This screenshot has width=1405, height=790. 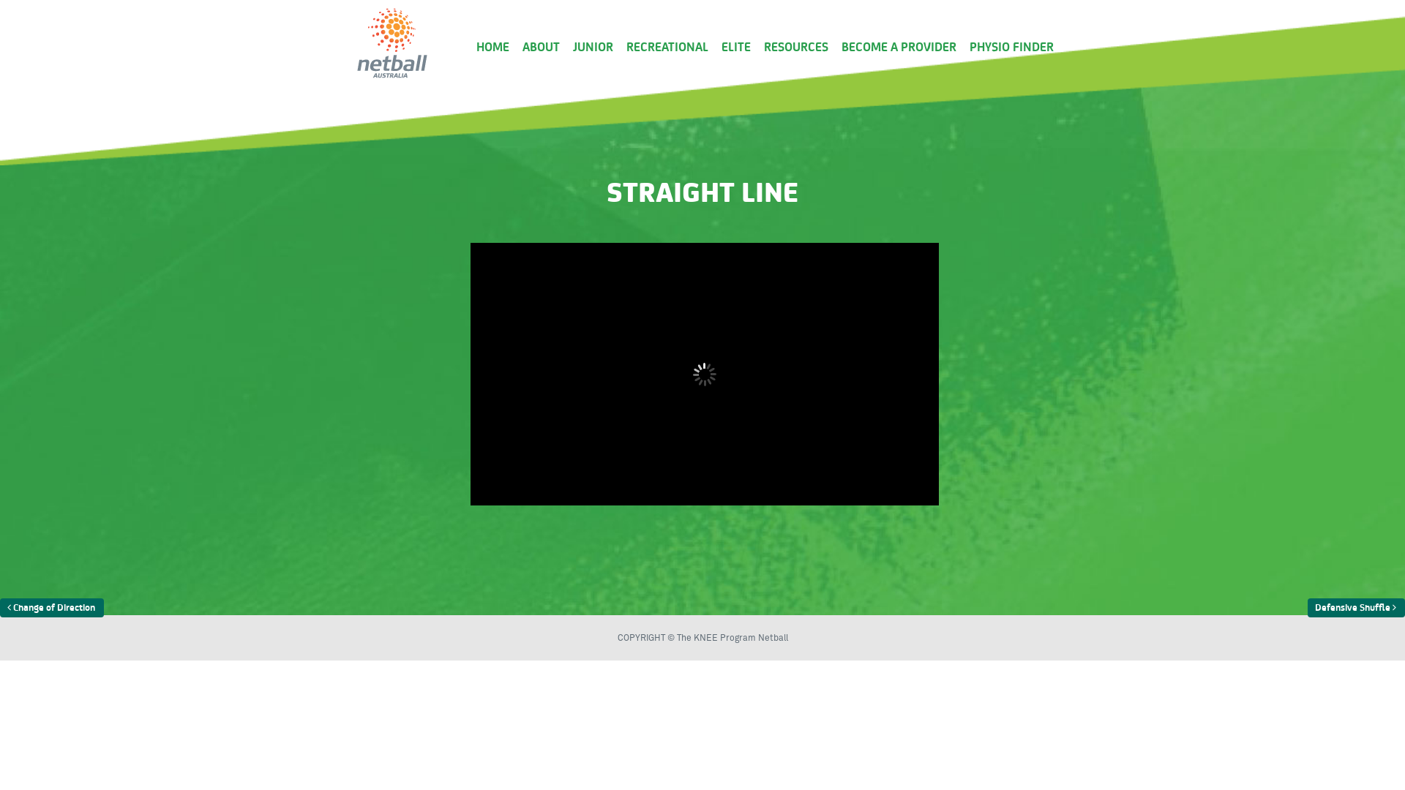 What do you see at coordinates (789, 46) in the screenshot?
I see `'RESOURCES'` at bounding box center [789, 46].